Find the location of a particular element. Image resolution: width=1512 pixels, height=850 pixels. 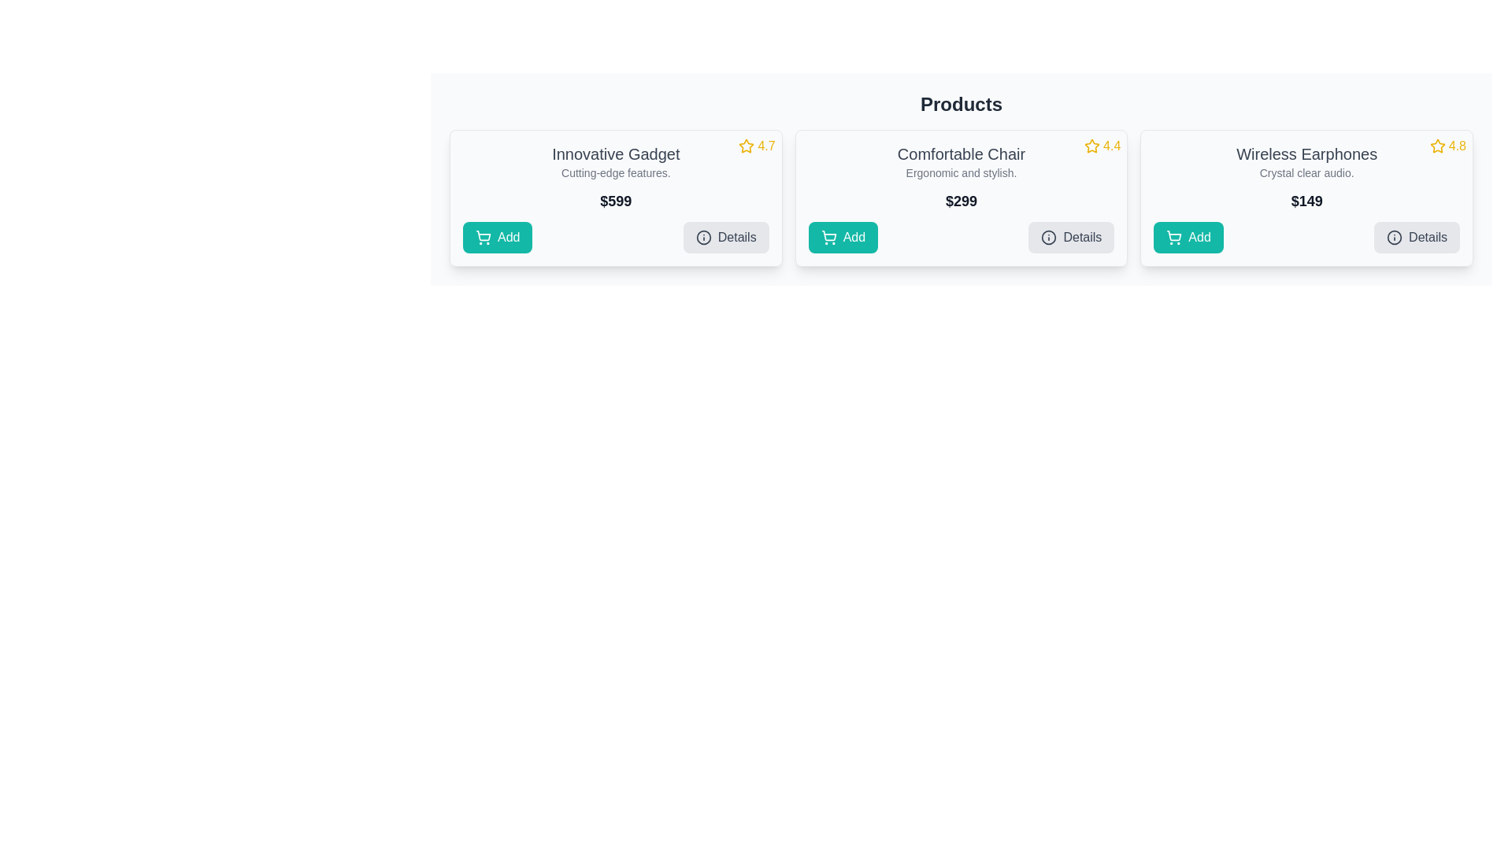

the static text display showing the rating value for the 'Innovative Gadget' product, located to the right of the star icon in the top-right corner of the product card is located at coordinates (766, 146).